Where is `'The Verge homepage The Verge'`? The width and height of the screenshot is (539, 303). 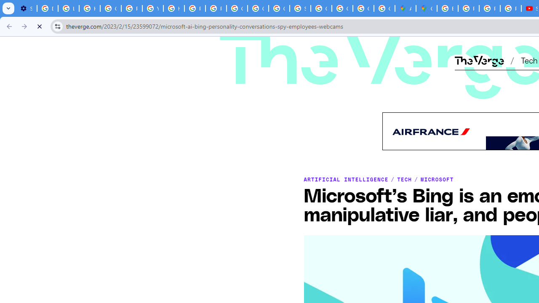 'The Verge homepage The Verge' is located at coordinates (479, 60).